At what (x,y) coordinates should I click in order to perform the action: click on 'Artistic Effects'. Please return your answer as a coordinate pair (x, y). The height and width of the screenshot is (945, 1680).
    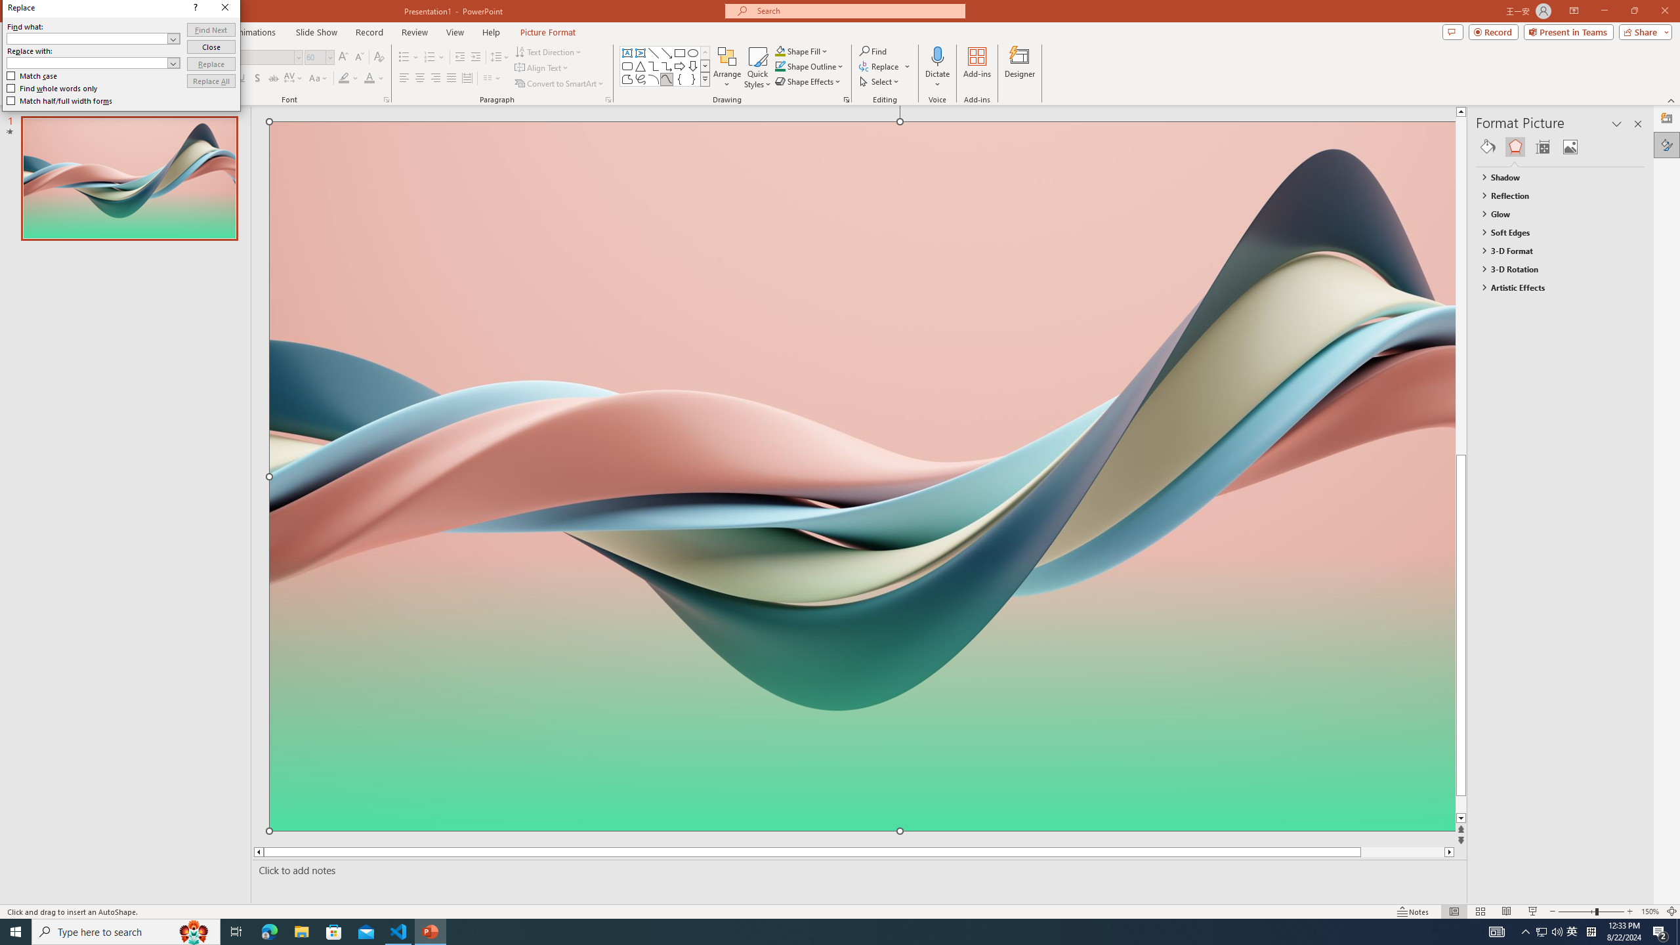
    Looking at the image, I should click on (1554, 286).